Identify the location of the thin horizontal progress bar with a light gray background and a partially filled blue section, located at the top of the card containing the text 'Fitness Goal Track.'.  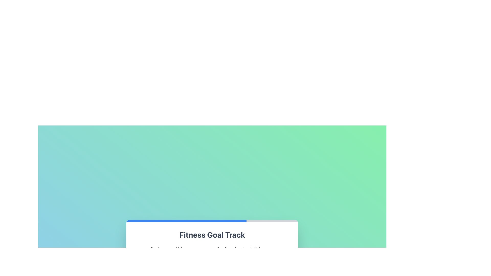
(212, 221).